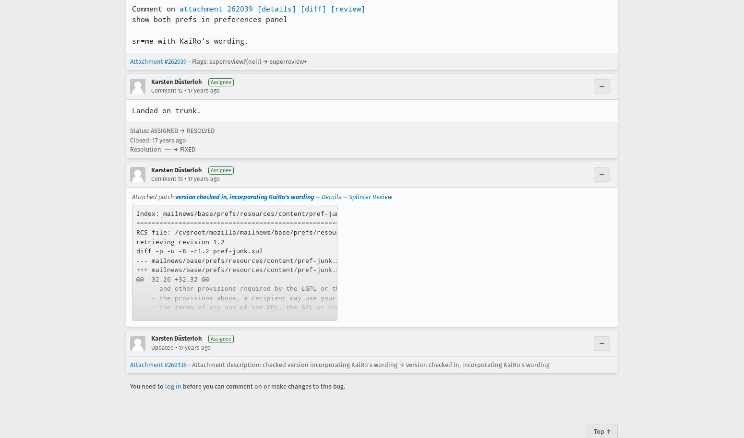 The height and width of the screenshot is (438, 744). What do you see at coordinates (246, 60) in the screenshot?
I see `'-
        Flags: superreview?(neil) → superreview+'` at bounding box center [246, 60].